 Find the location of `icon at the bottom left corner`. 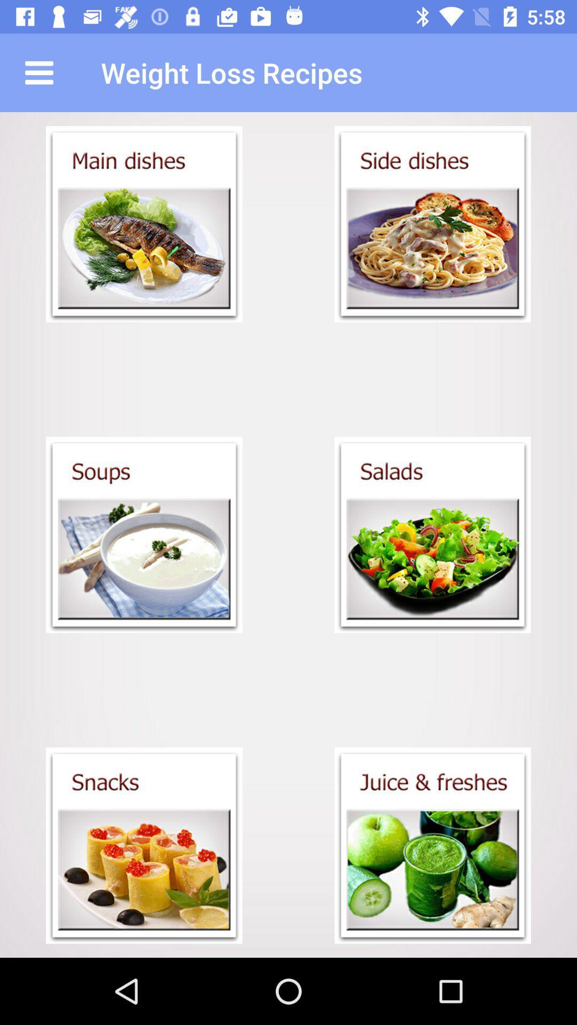

icon at the bottom left corner is located at coordinates (144, 845).